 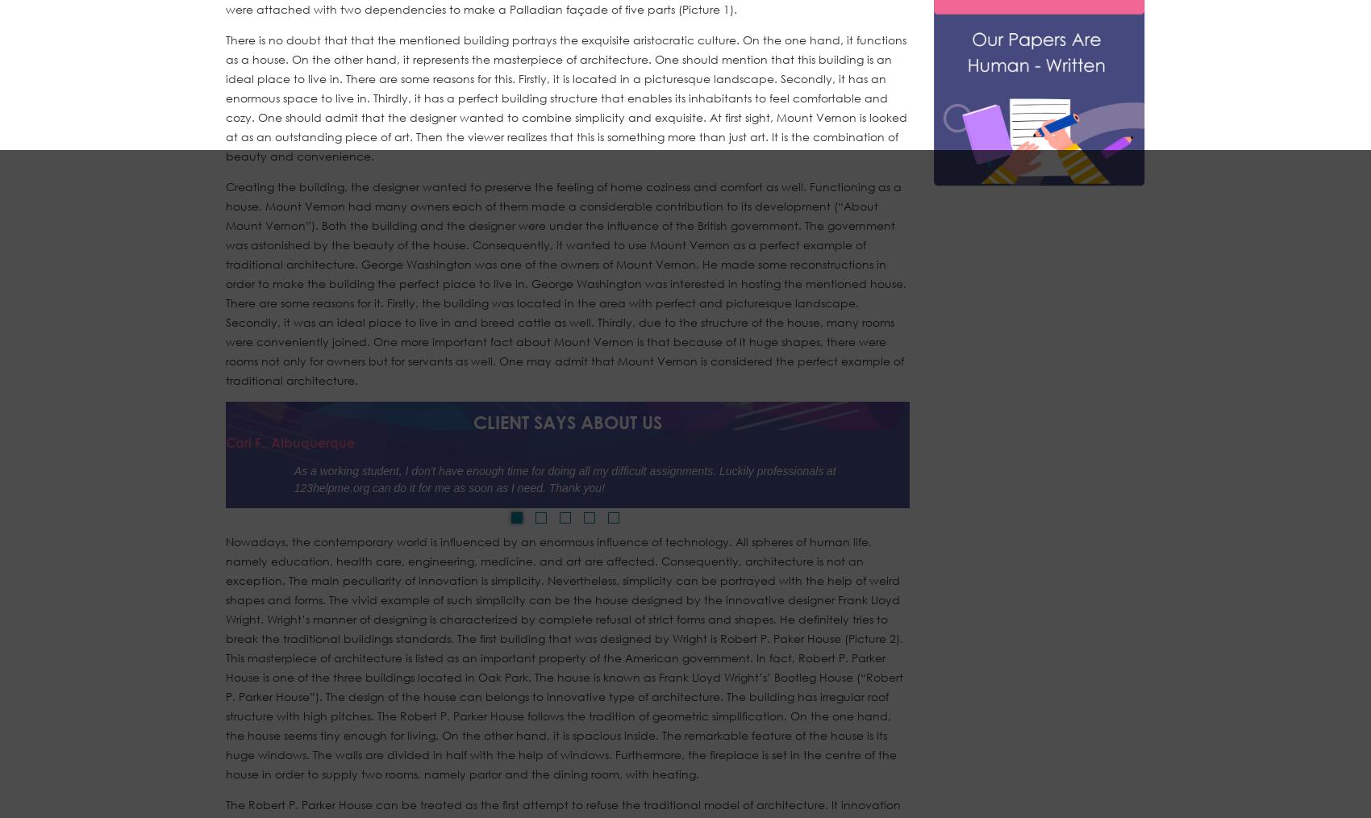 What do you see at coordinates (225, 282) in the screenshot?
I see `'Creating the building, the designer wanted to preserve the feeling of home coziness and comfort as well. Functioning as a house, Mount Vernon had many owners each of them made a considerable contribution to its development (“About Mount Vernon”). Both the building and the designer were under the influence of the British government. The government was astonished by the beauty of the house. Consequently, it wanted to use Mount Vernon as a perfect example of traditional architecture. George Washington was one of the owners of Mount Vernon. He made some reconstructions in order to make the building the perfect place to live in. George Washington was interested in hosting the mentioned house. There are some reasons for it. Firstly, the building was located in the area with perfect and picturesque landscape. Secondly, it was an ideal place to live in and breed cattle as well. Thirdly, due to the structure of the house, many rooms were conveniently joined. One more important fact about Mount Vernon is that because of it huge shapes, there were rooms not only for owners but for servants as well. One may admit that Mount Vernon is considered the perfect example of traditional architecture.'` at bounding box center [225, 282].